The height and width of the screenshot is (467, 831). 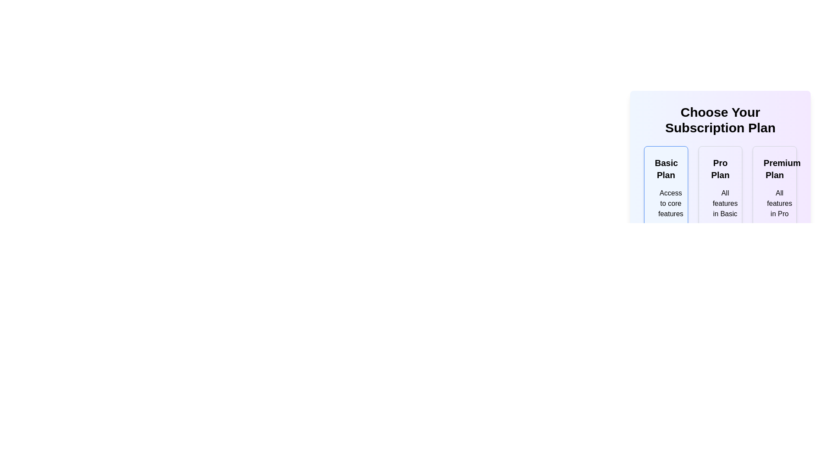 I want to click on attributes of the checkmark icon indicating approval for the 'Basic Plan' subscription, located to the left of the 'Access to core features' text, so click(x=660, y=204).